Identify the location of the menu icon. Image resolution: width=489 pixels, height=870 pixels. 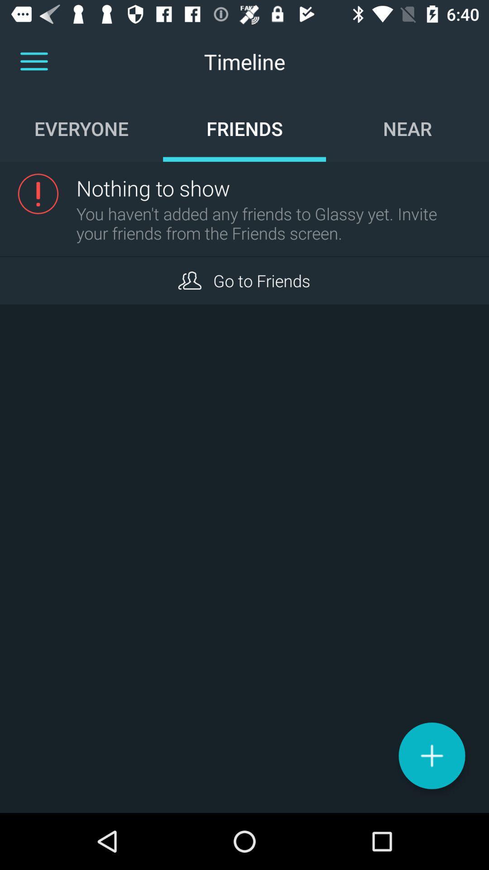
(34, 61).